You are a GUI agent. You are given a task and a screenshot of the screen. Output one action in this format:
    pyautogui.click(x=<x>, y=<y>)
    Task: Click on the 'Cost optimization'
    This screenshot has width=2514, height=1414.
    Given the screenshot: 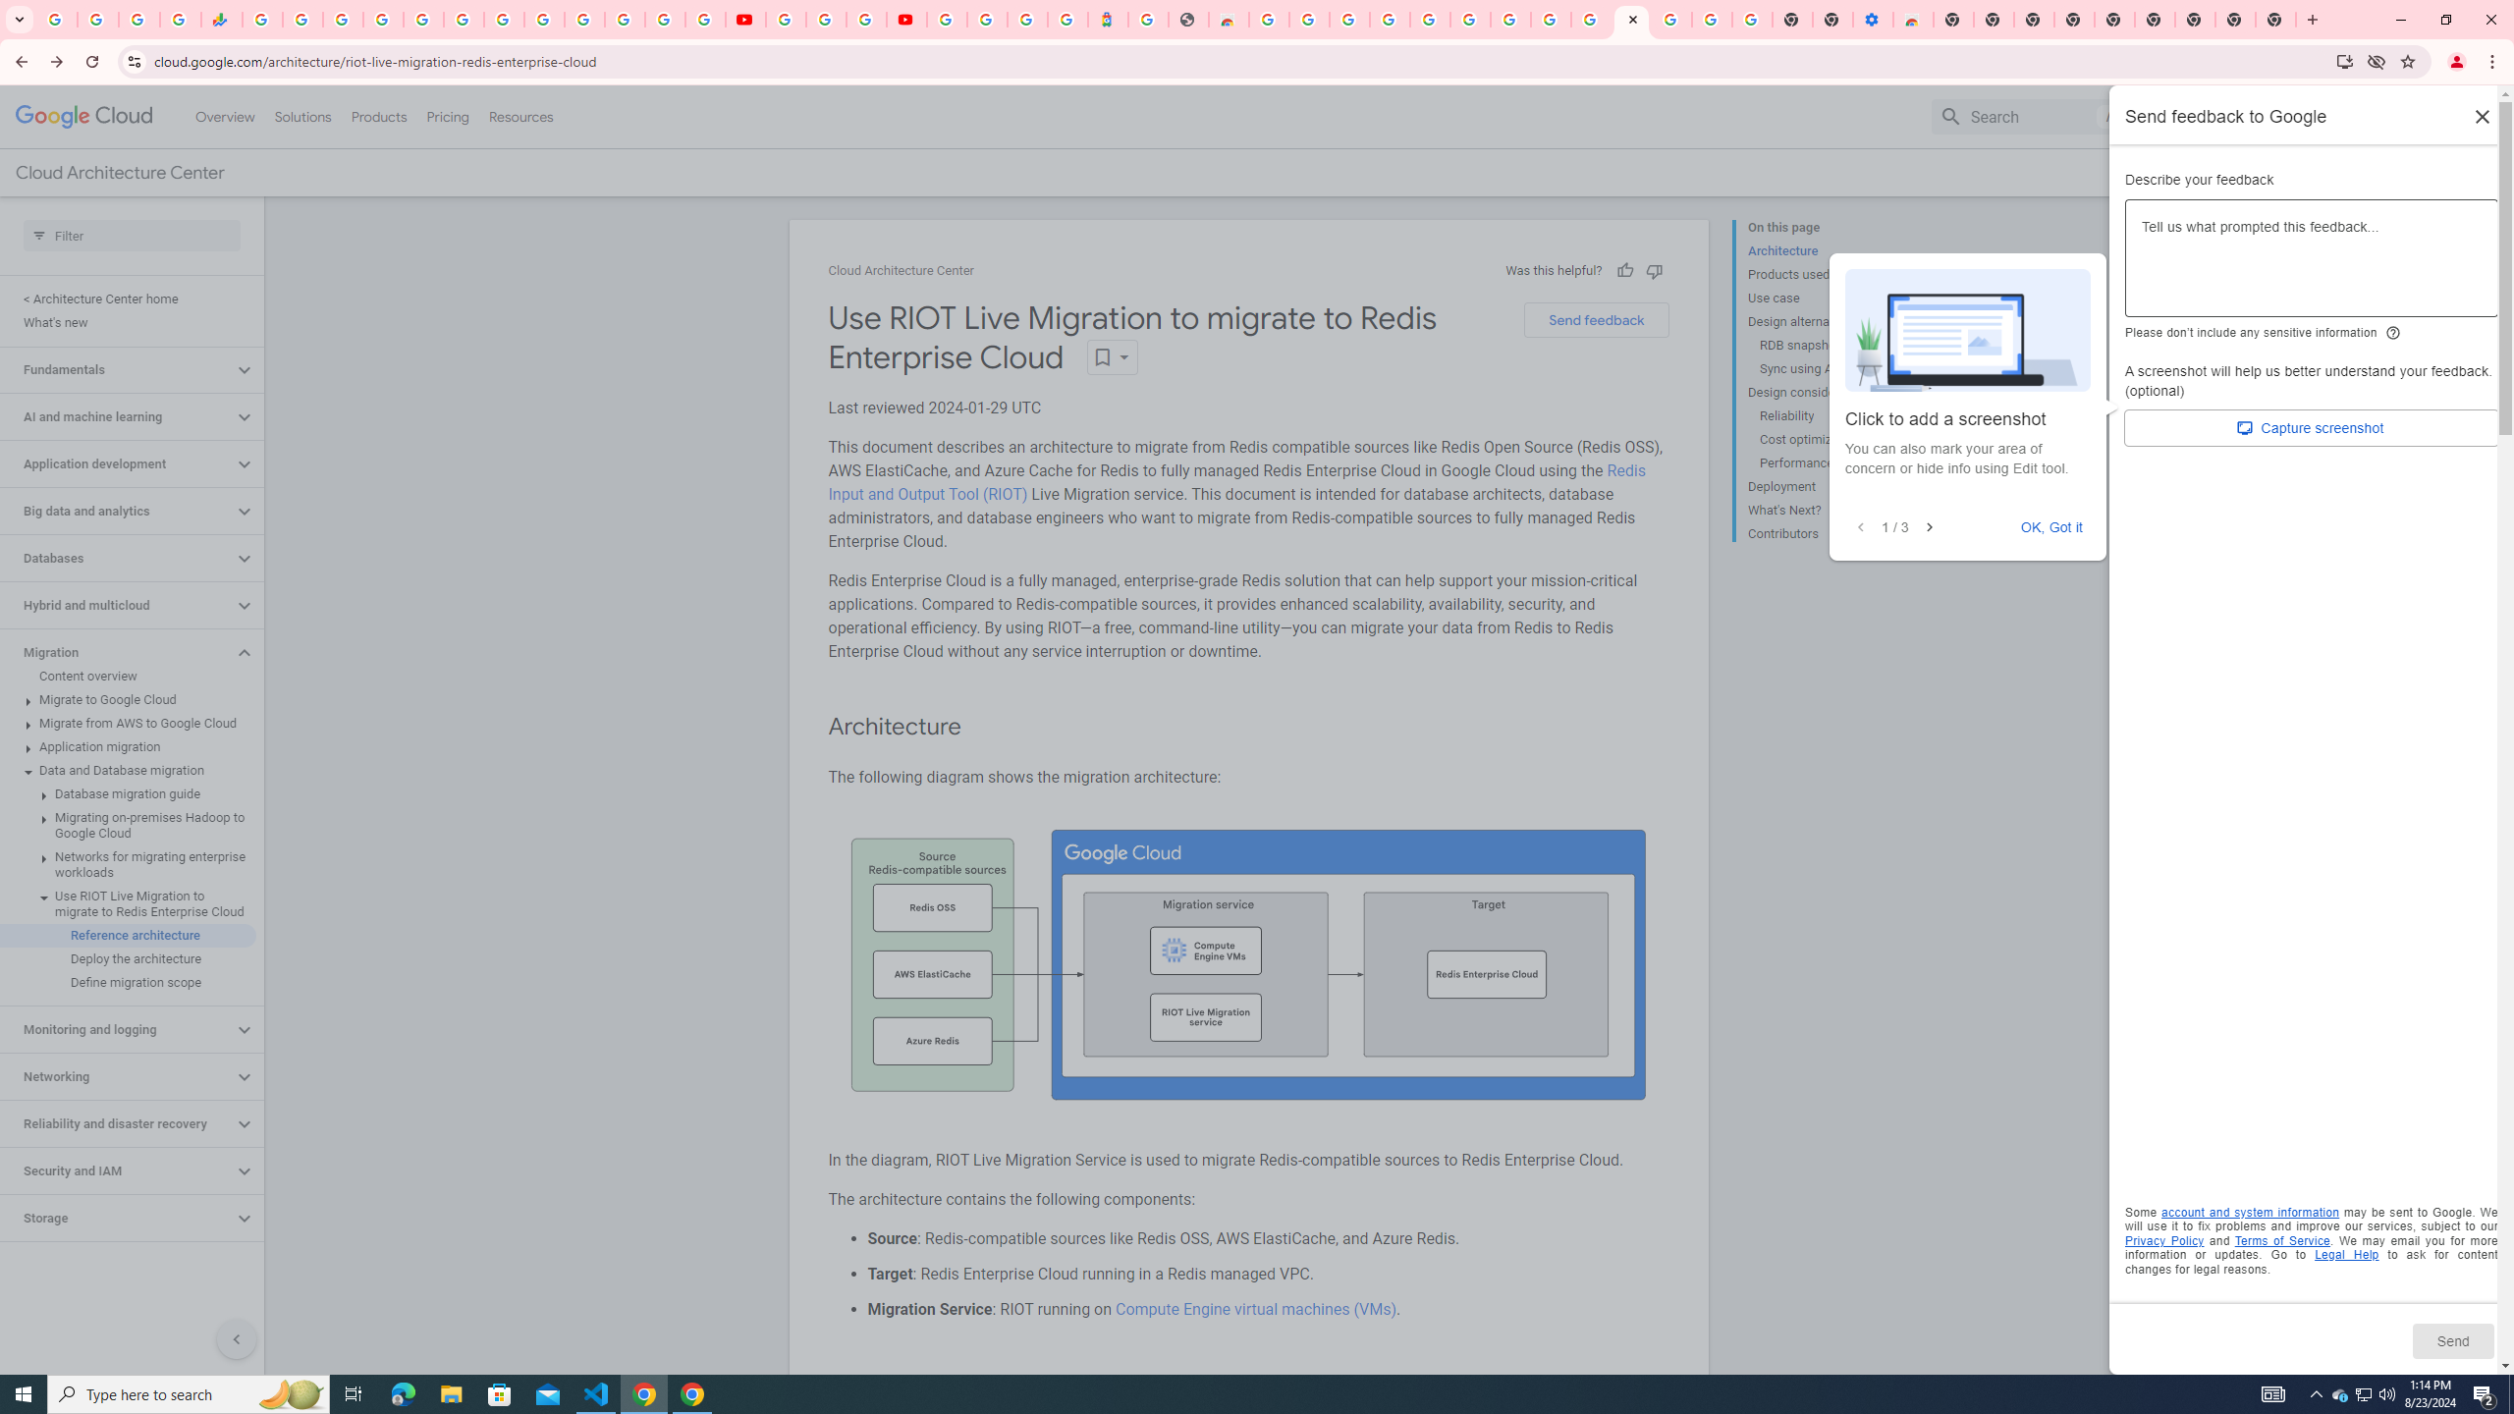 What is the action you would take?
    pyautogui.click(x=1833, y=439)
    